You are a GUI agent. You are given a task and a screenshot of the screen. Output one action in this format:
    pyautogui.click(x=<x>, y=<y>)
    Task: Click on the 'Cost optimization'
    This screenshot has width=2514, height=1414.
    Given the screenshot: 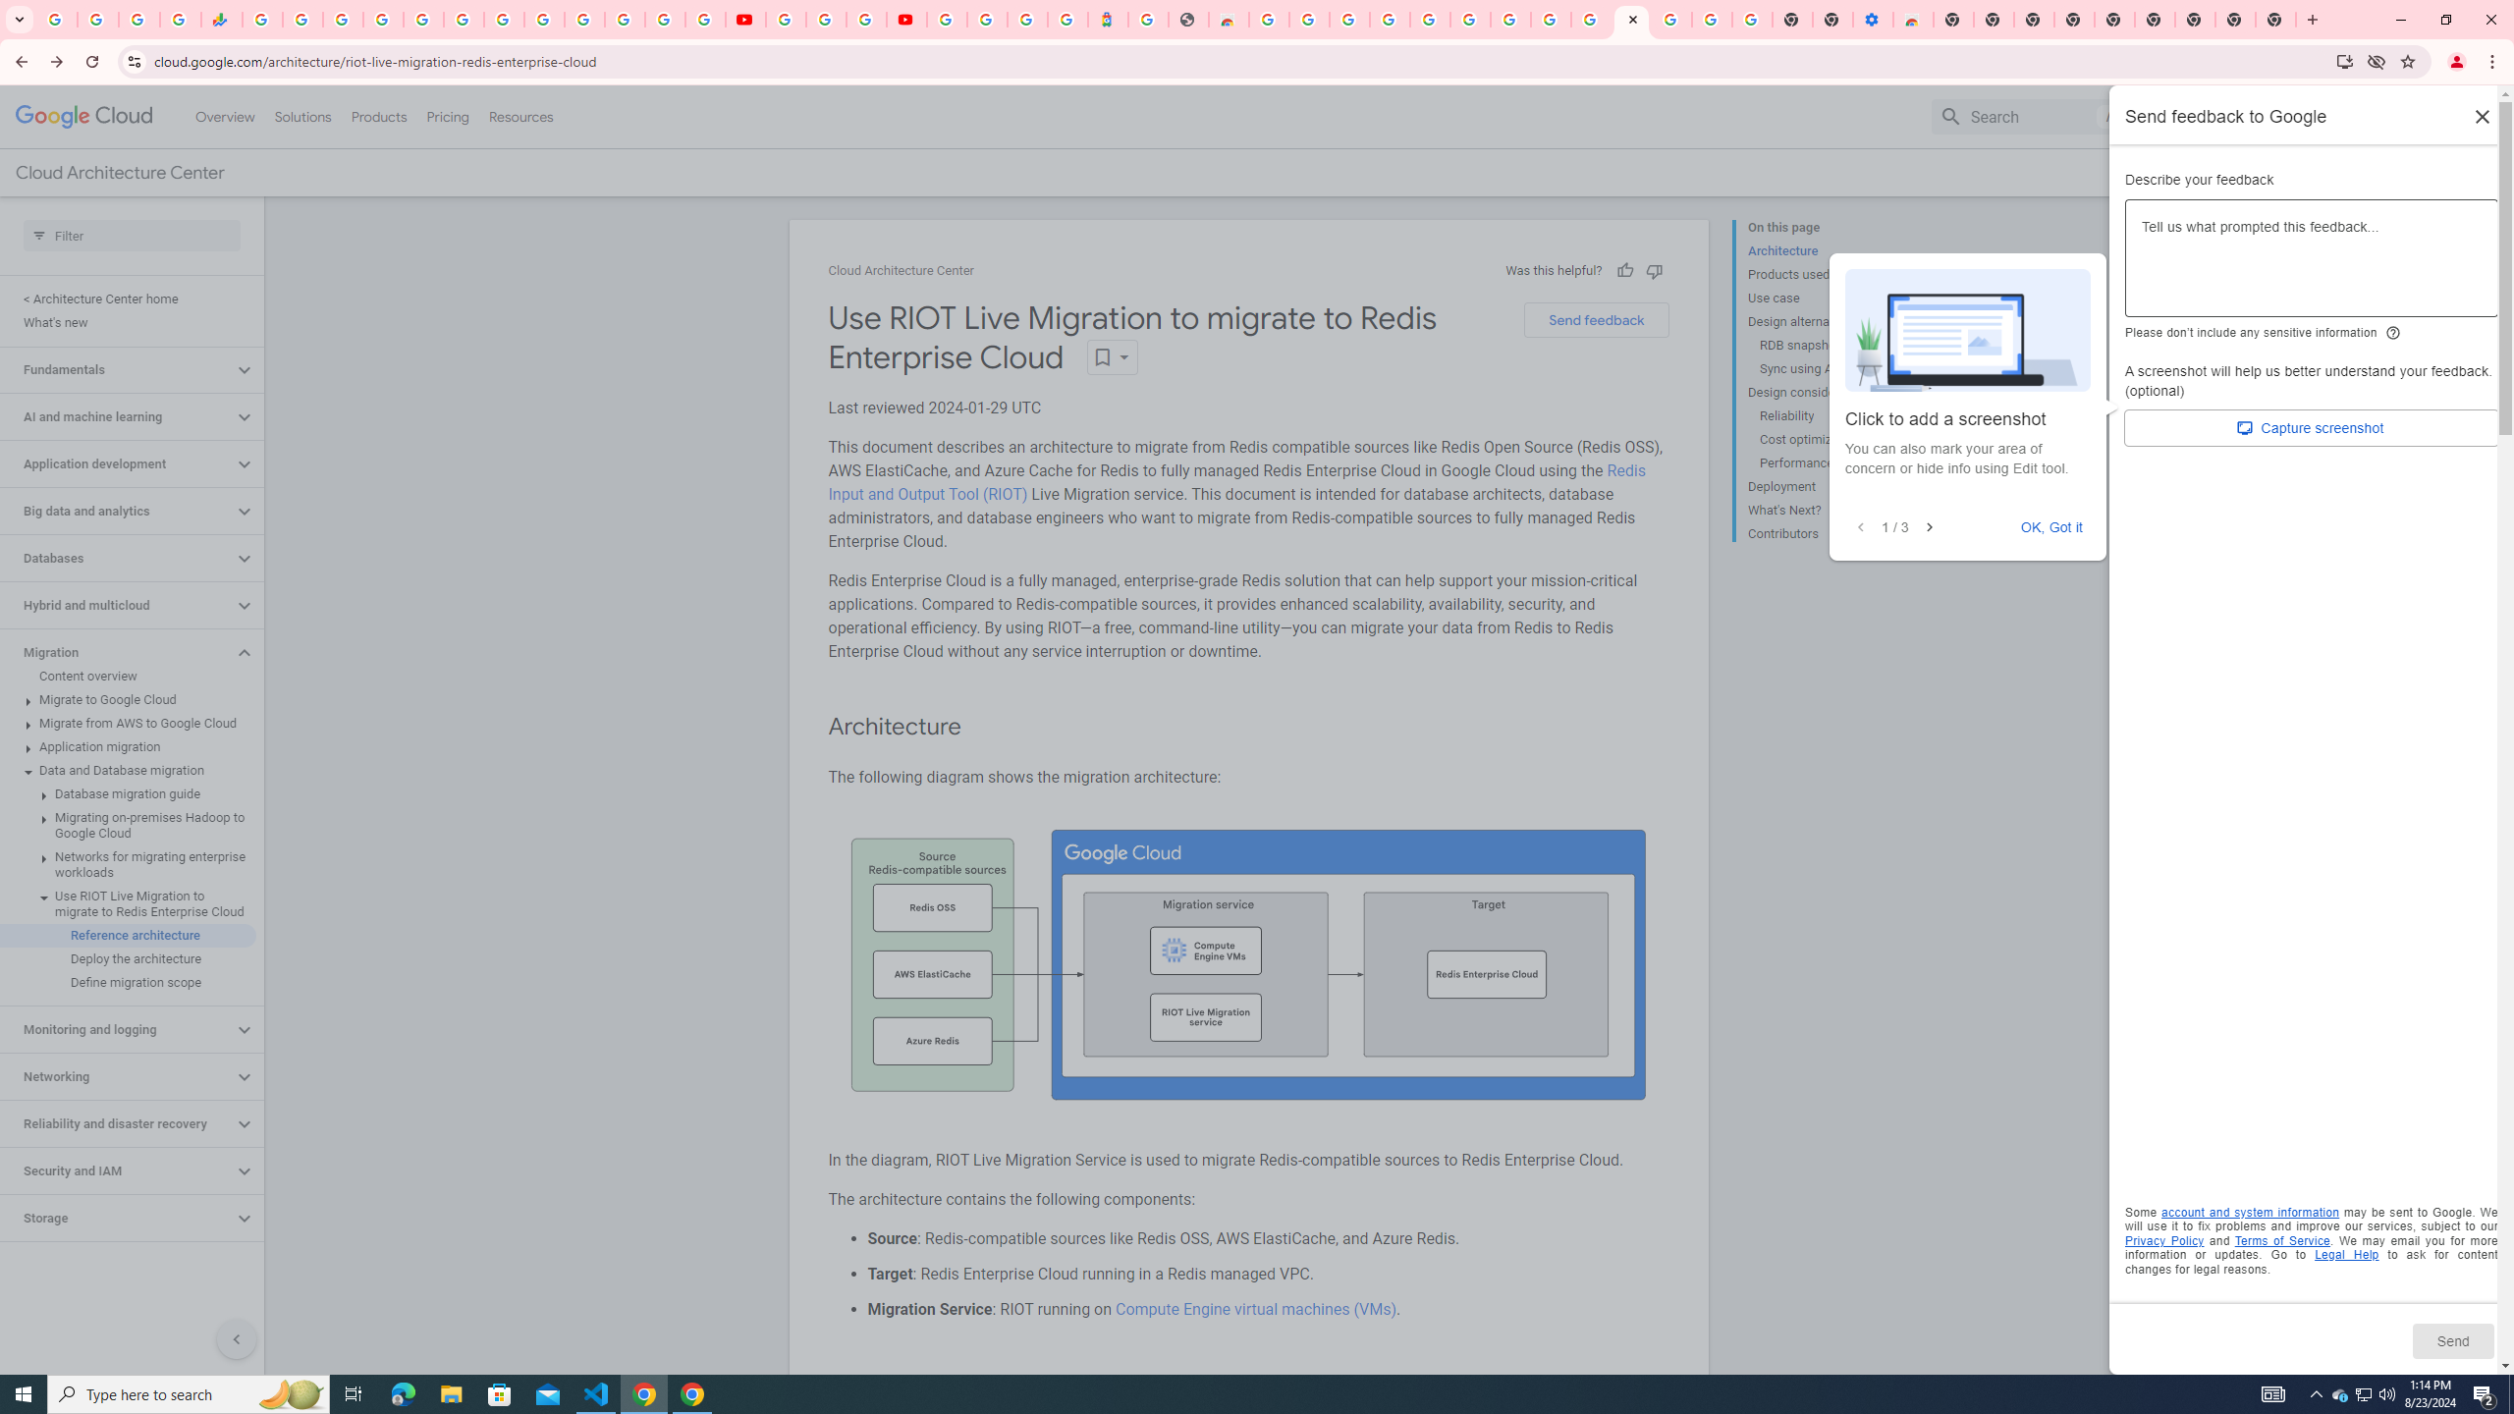 What is the action you would take?
    pyautogui.click(x=1833, y=439)
    